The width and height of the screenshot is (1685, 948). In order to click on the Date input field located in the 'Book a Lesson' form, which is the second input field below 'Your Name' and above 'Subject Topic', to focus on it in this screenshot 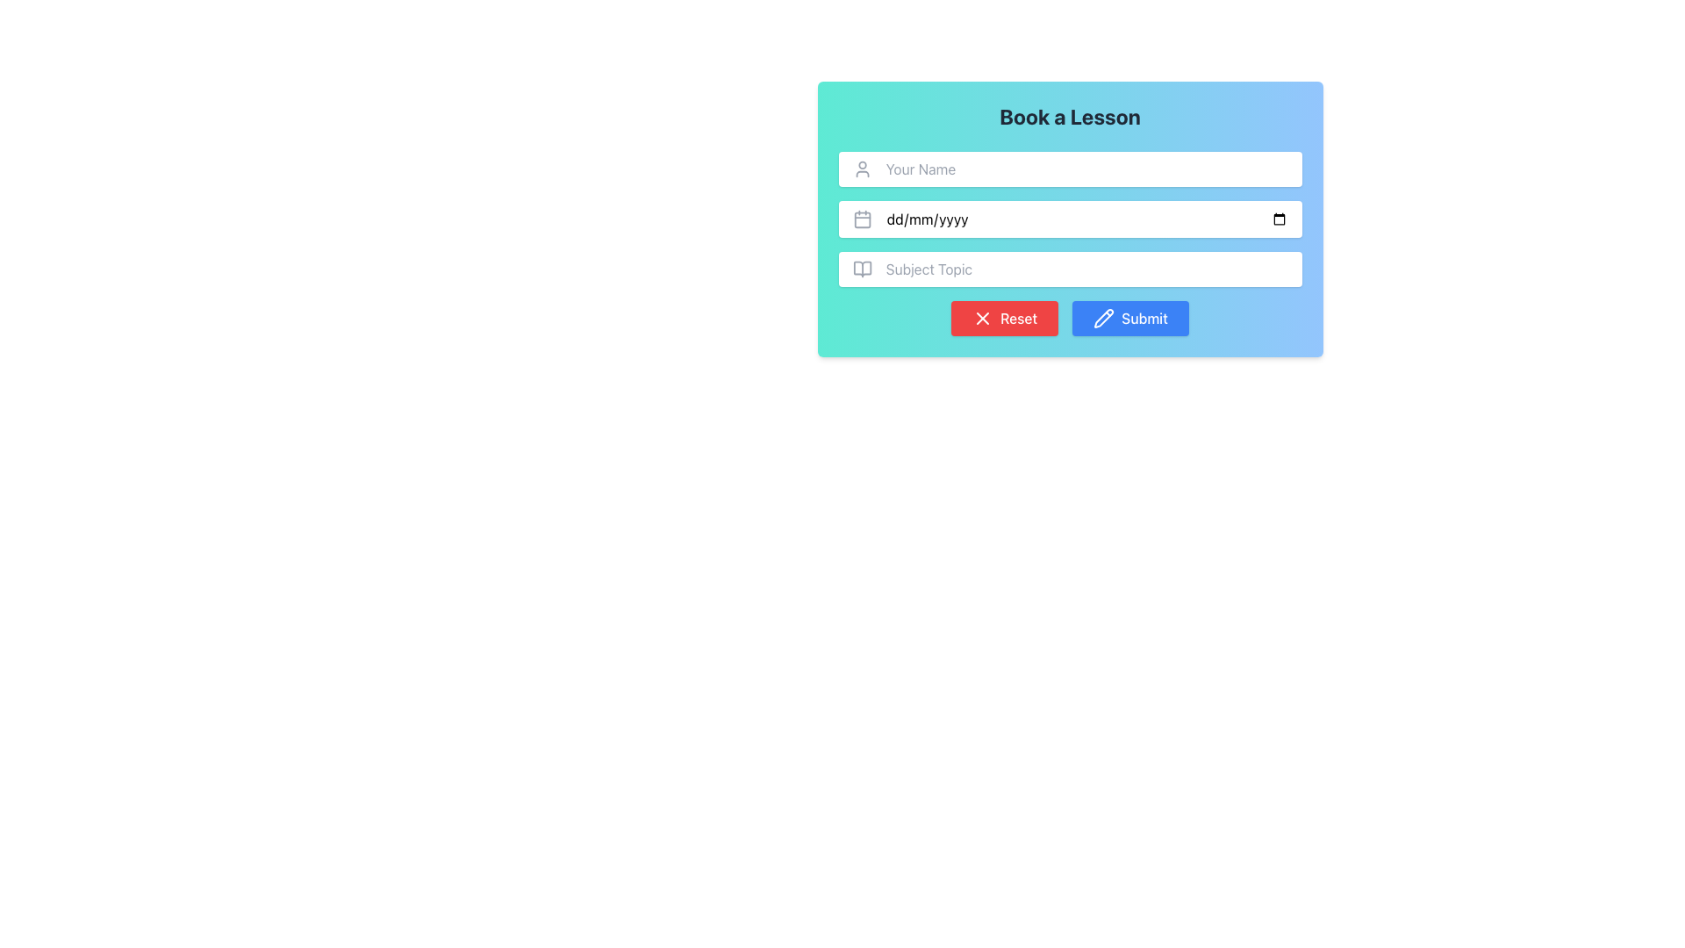, I will do `click(1086, 219)`.